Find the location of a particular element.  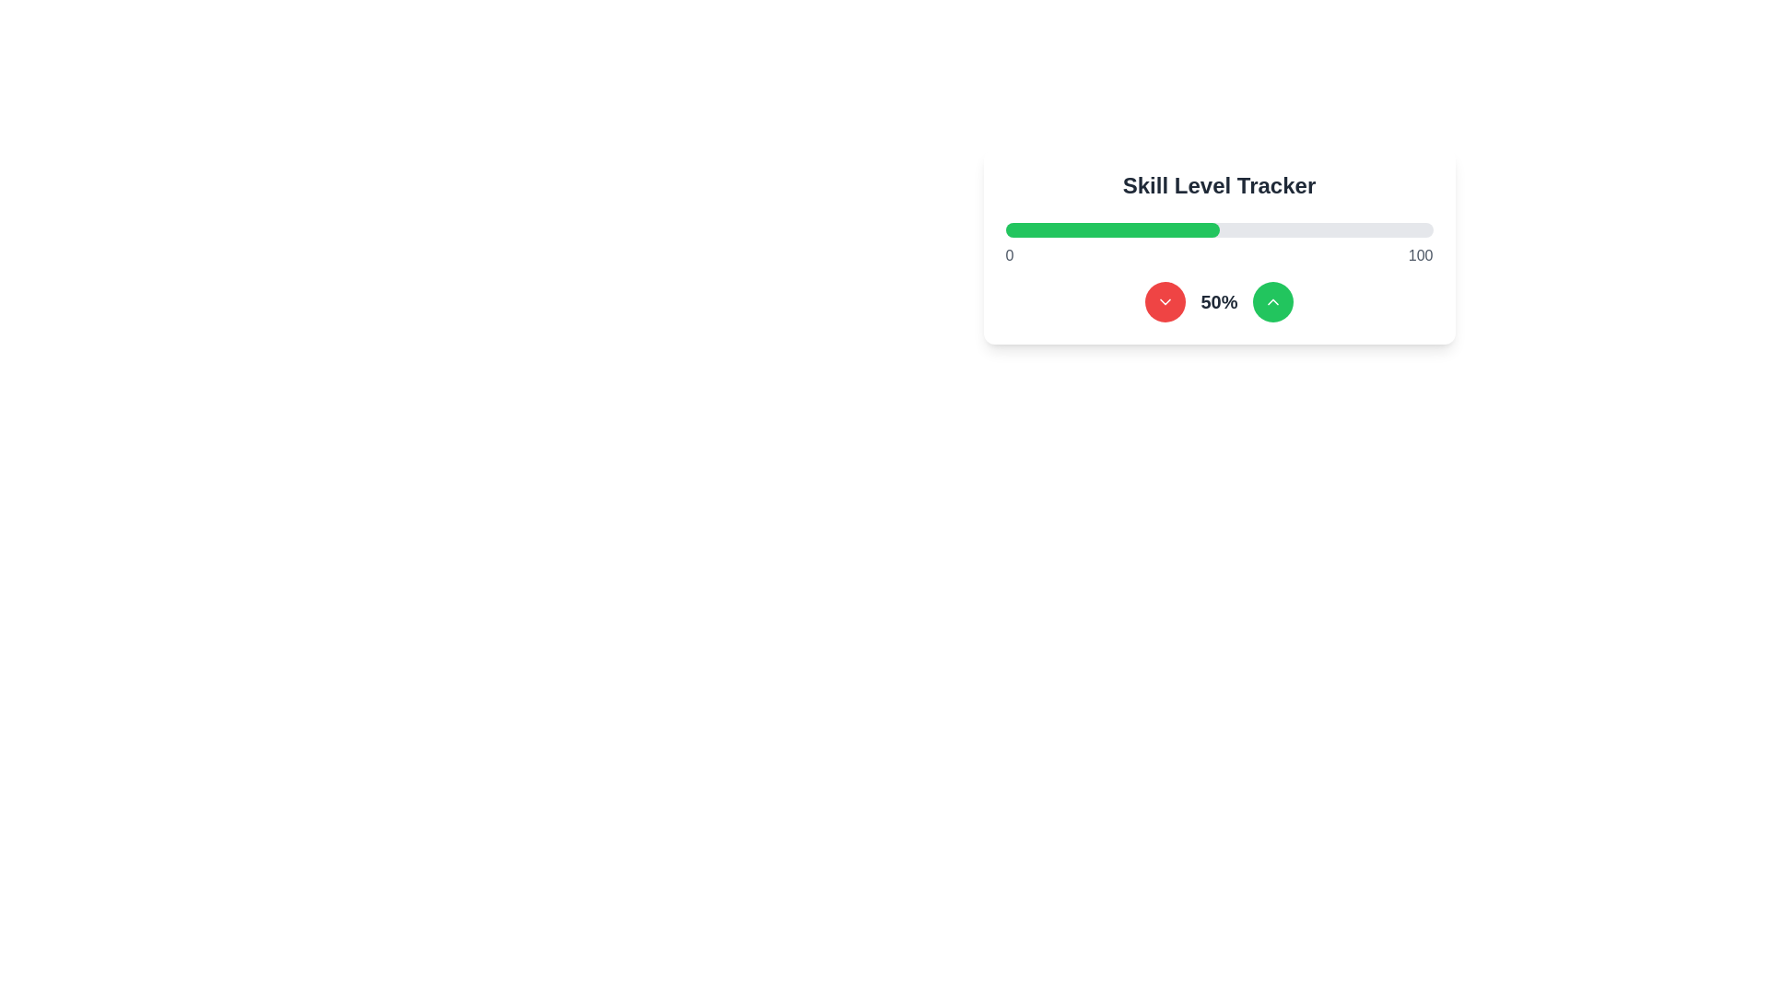

the chevron icon located within a green circular button, which indicates an upward scrolling action, positioned to the right of a red circular button and numeric text ('50%') is located at coordinates (1271, 300).